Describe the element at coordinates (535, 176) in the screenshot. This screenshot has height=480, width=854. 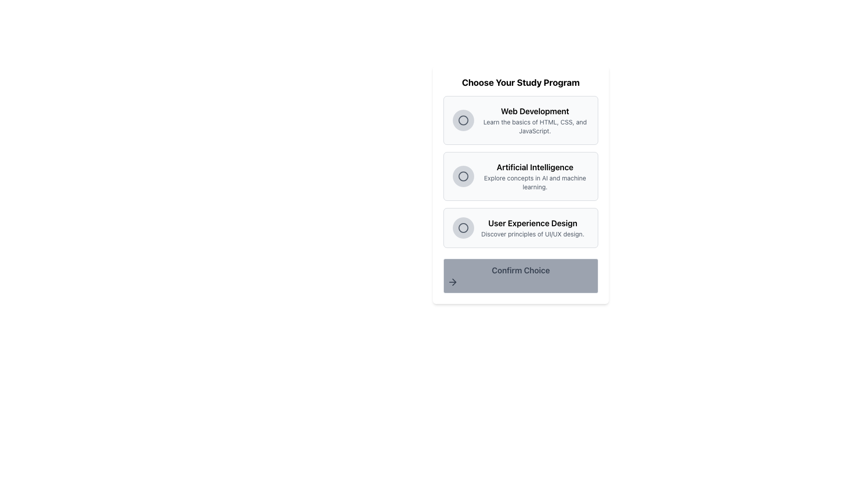
I see `the second text block in the card layout, which describes the study program in Artificial Intelligence` at that location.